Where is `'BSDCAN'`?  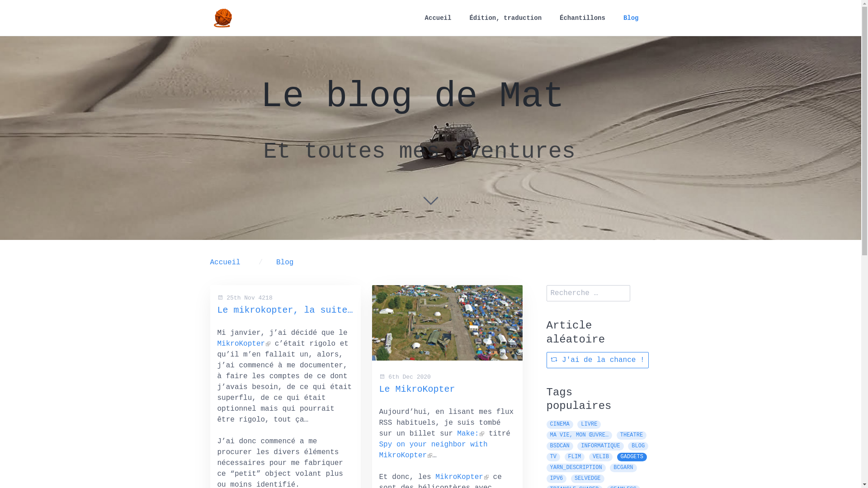 'BSDCAN' is located at coordinates (546, 446).